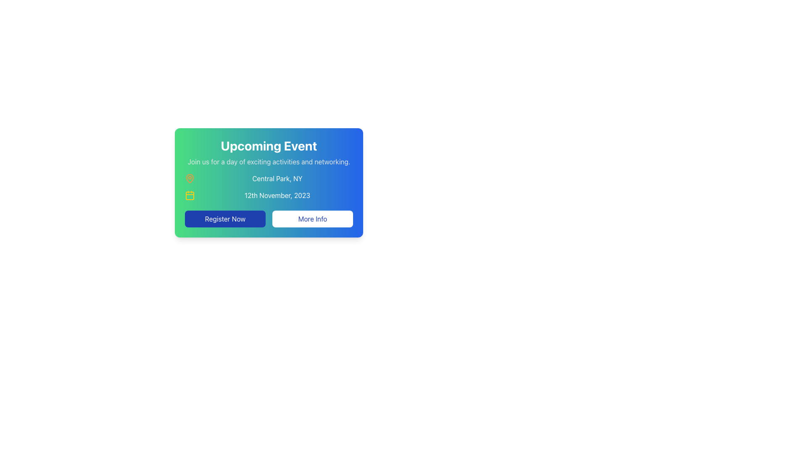 The image size is (807, 454). What do you see at coordinates (189, 178) in the screenshot?
I see `the geographical location icon positioned to the left of the text 'Central Park, NY'` at bounding box center [189, 178].